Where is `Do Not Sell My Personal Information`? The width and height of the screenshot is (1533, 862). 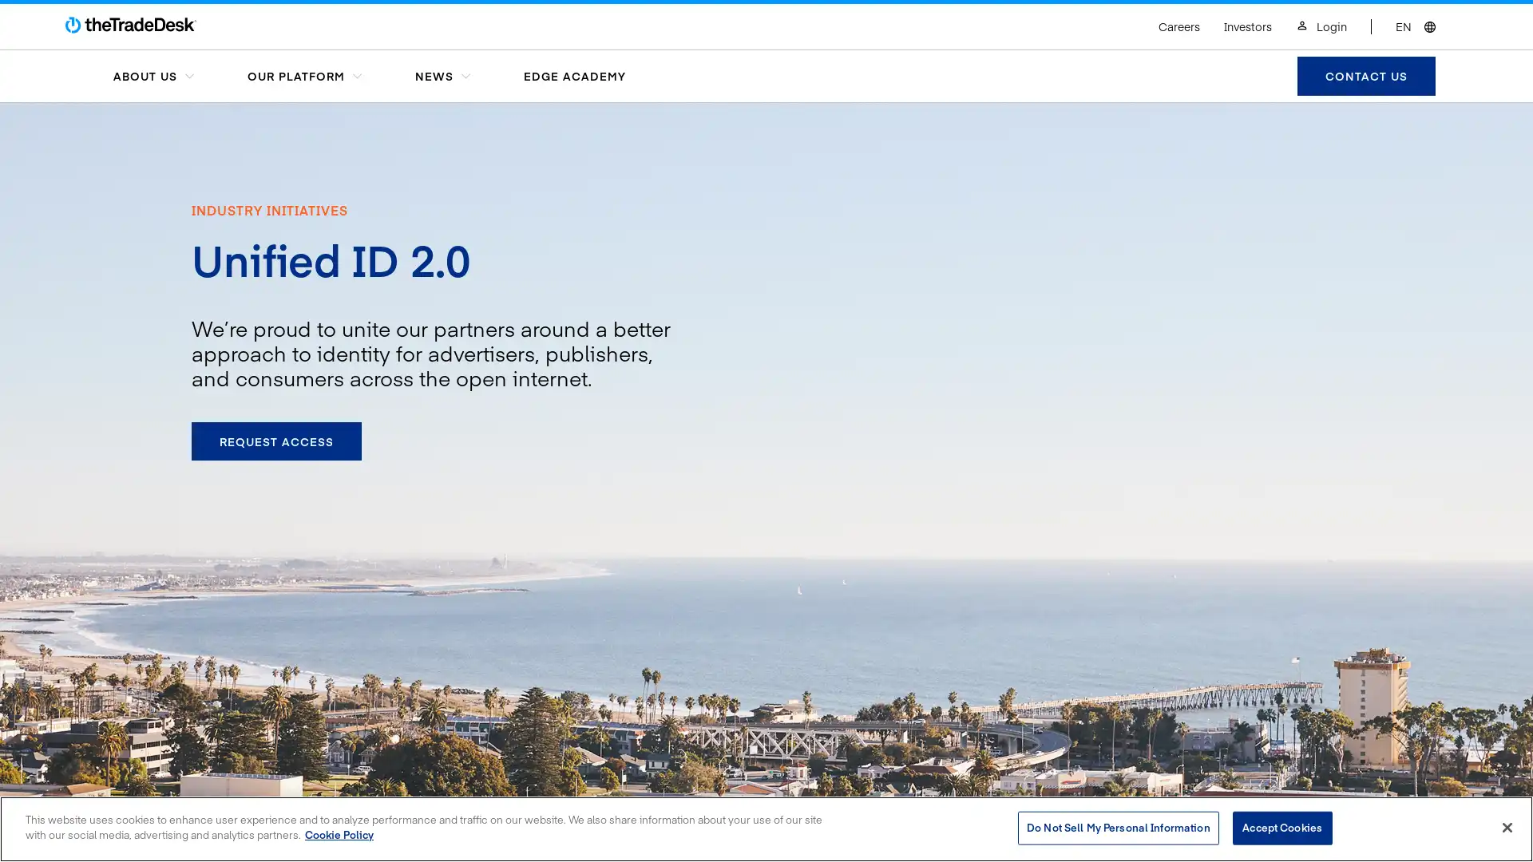 Do Not Sell My Personal Information is located at coordinates (1117, 827).